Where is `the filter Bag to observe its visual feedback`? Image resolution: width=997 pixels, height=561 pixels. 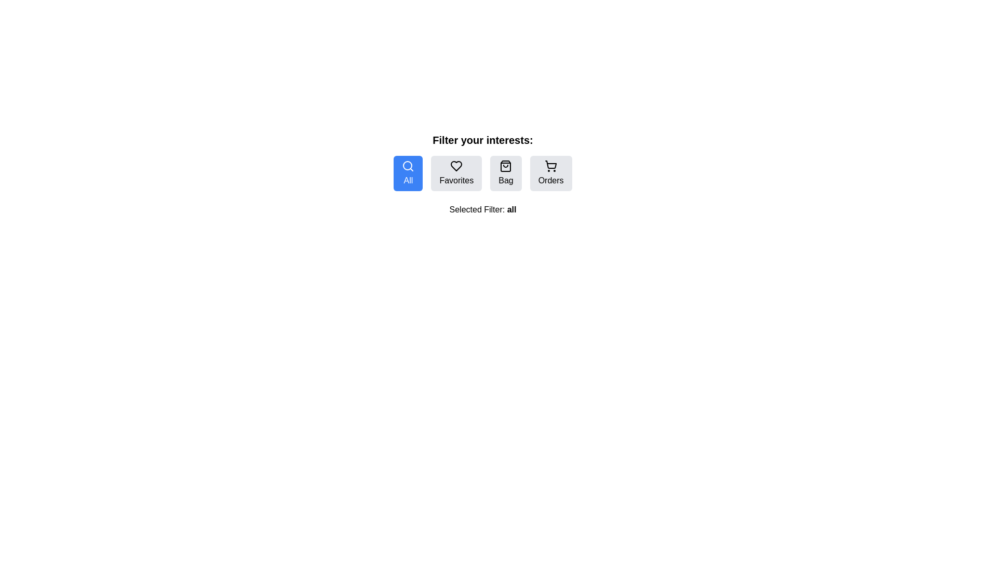
the filter Bag to observe its visual feedback is located at coordinates (506, 173).